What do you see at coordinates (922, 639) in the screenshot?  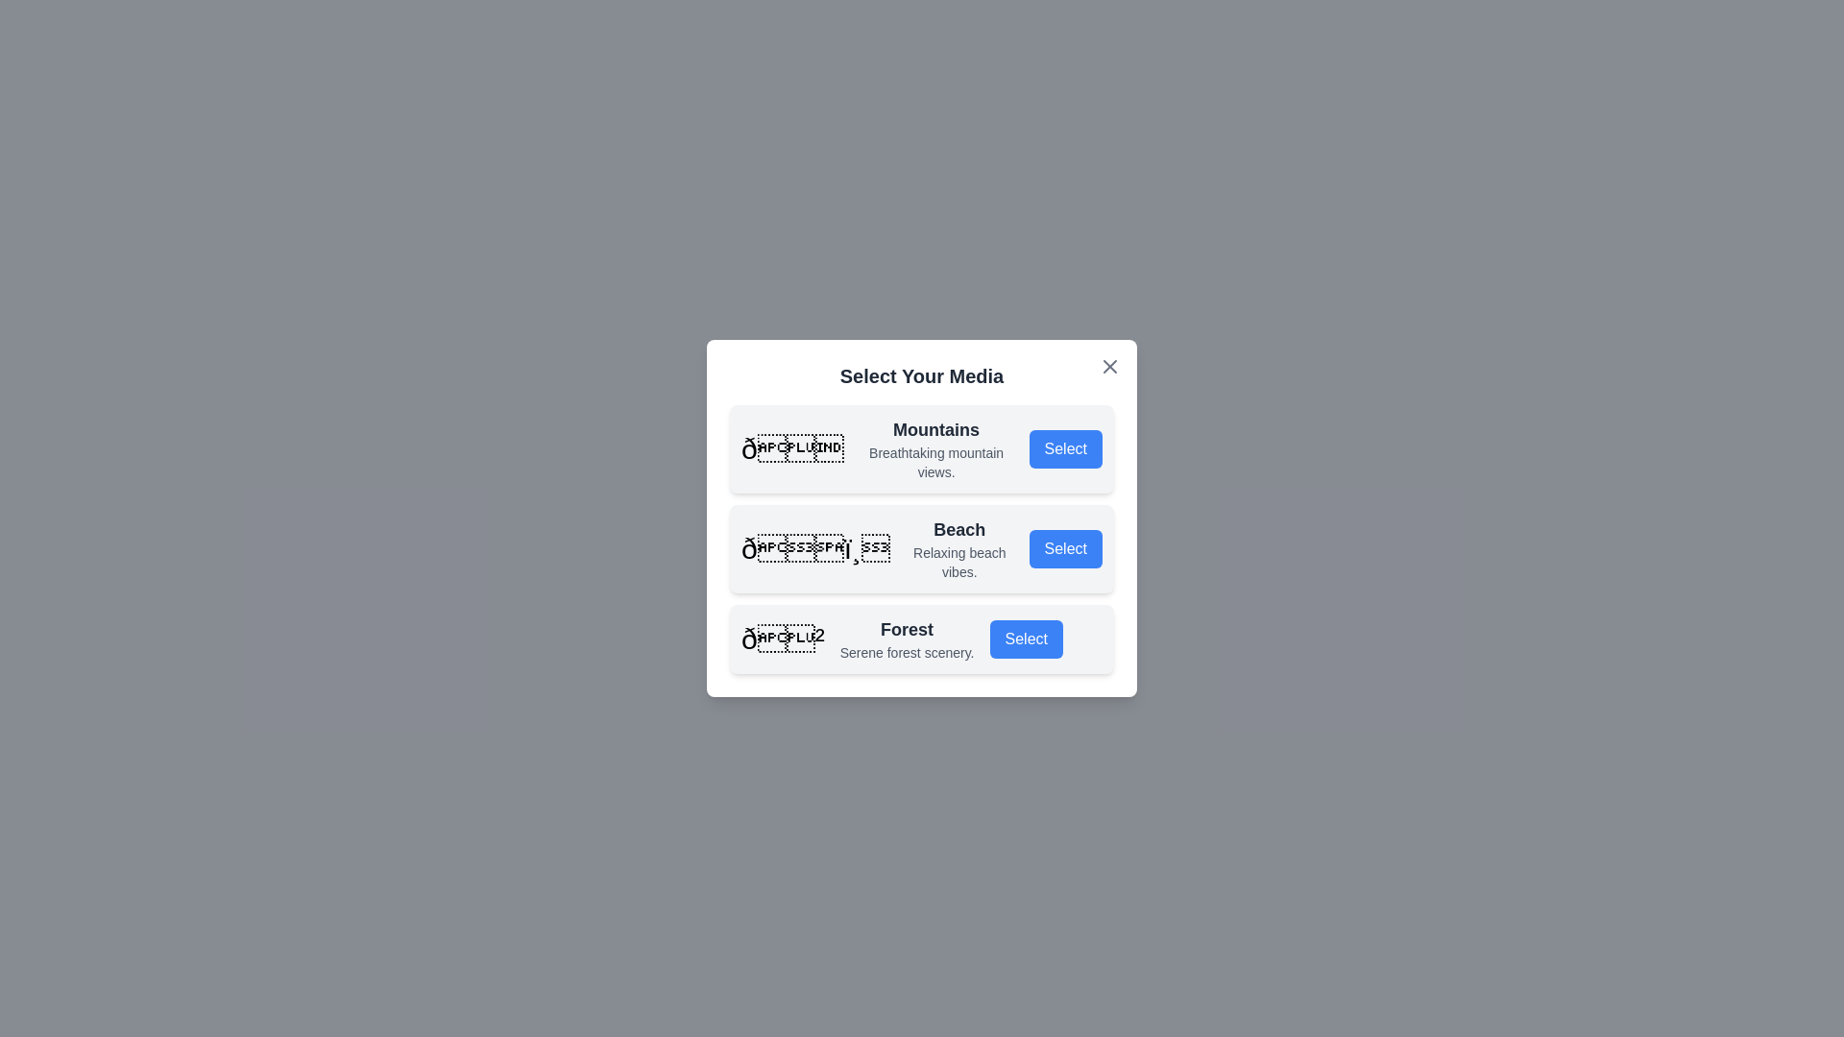 I see `the media option titled Forest to inspect its details visually` at bounding box center [922, 639].